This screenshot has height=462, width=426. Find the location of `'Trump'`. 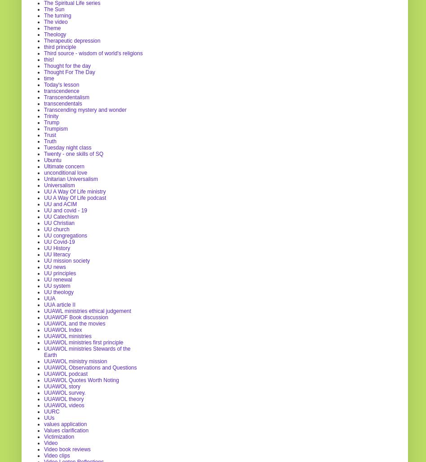

'Trump' is located at coordinates (51, 121).